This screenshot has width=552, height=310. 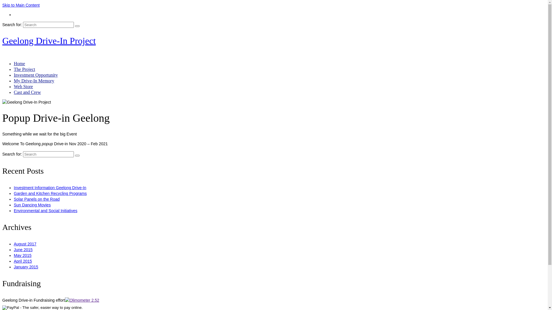 I want to click on 'The Project', so click(x=24, y=69).